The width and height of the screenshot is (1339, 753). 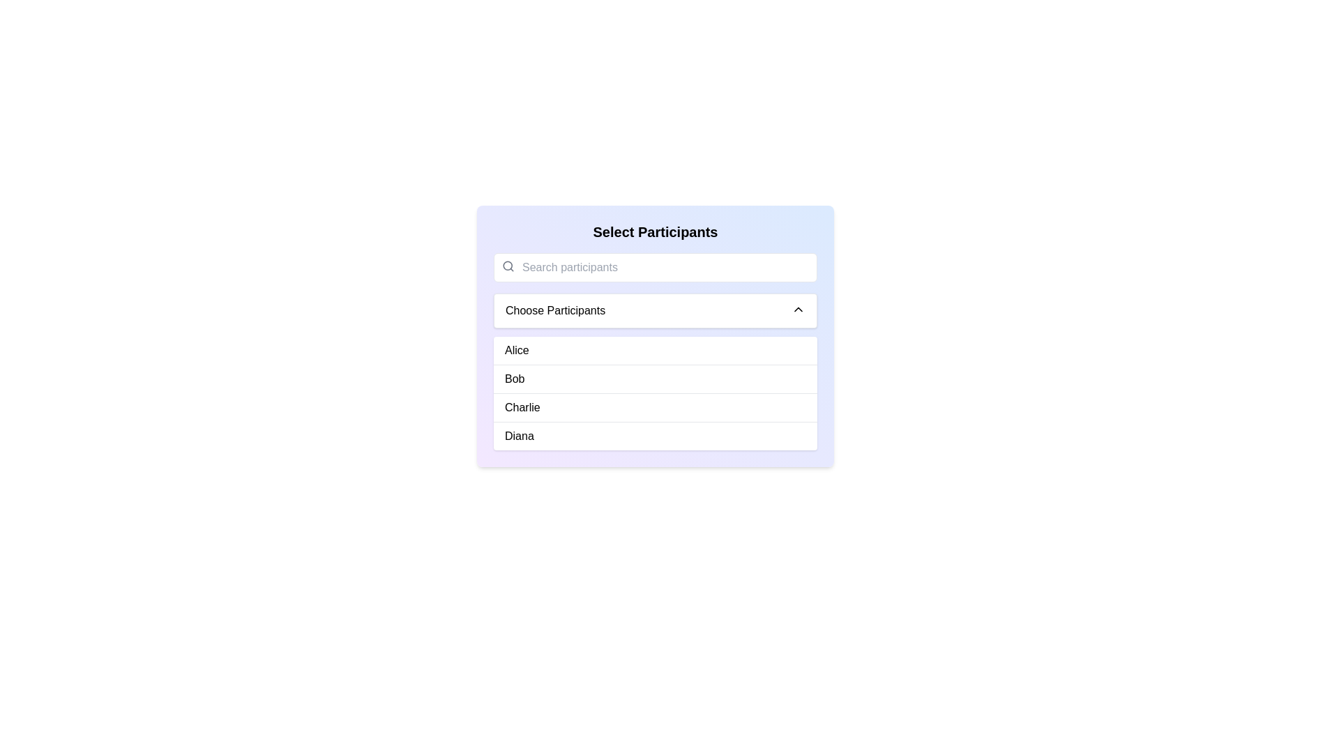 What do you see at coordinates (655, 310) in the screenshot?
I see `the 'Choose Participants' dropdown button` at bounding box center [655, 310].